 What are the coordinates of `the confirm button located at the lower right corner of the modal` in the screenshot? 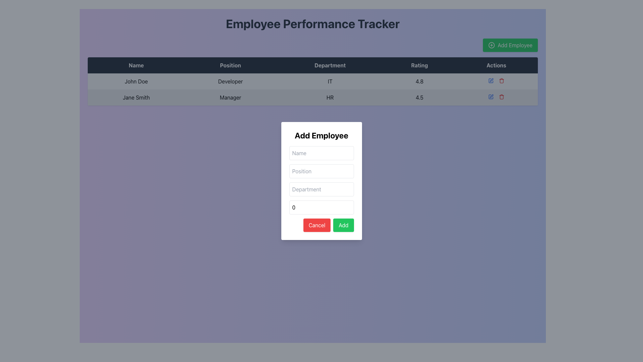 It's located at (344, 225).